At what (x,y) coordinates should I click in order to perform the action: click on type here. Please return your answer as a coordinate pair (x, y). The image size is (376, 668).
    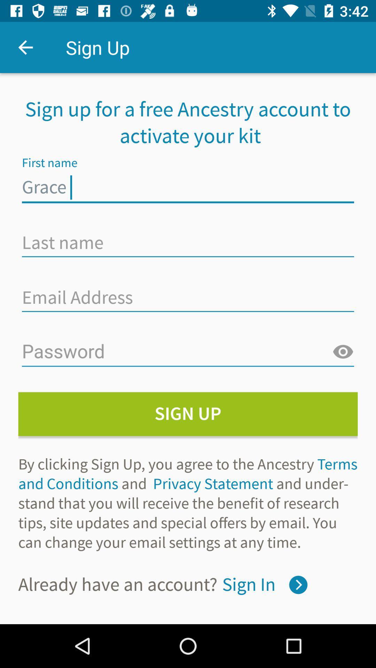
    Looking at the image, I should click on (188, 242).